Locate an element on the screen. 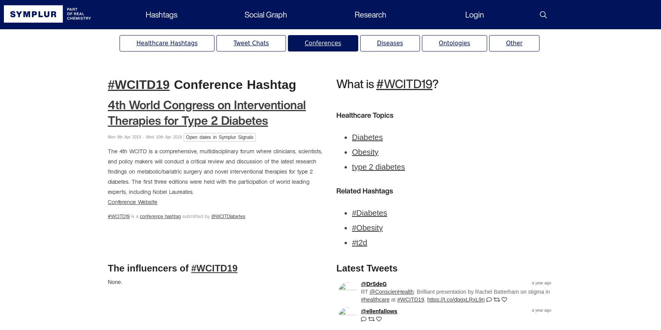 This screenshot has height=330, width=661. 'Tweet Chats' is located at coordinates (232, 43).